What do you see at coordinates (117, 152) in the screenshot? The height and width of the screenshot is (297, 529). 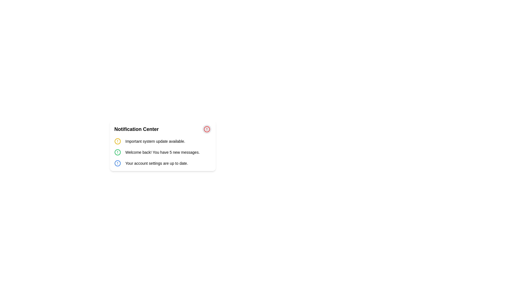 I see `the visual alert by focusing on the inner circle of the alert icon located in the top-right corner of the notification card` at bounding box center [117, 152].